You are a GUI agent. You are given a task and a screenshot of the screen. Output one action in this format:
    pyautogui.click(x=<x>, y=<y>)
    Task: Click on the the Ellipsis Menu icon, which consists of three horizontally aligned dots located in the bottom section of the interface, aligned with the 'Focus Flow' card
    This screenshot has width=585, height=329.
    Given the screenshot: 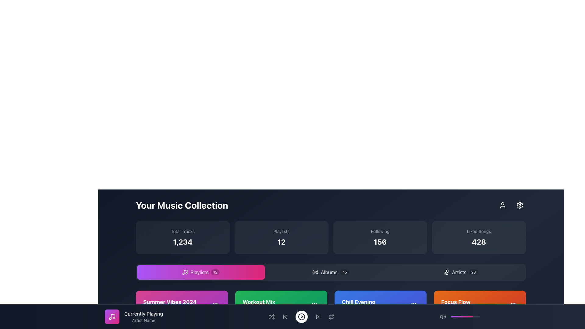 What is the action you would take?
    pyautogui.click(x=414, y=303)
    